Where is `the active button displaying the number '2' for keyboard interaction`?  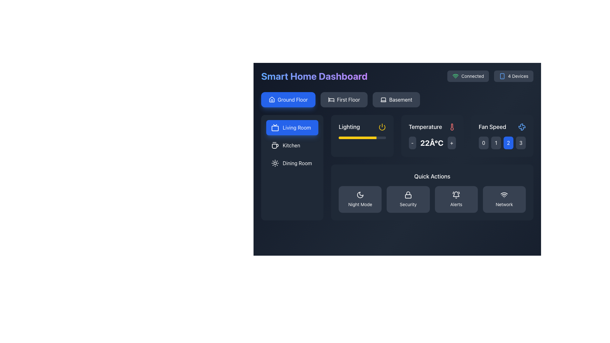
the active button displaying the number '2' for keyboard interaction is located at coordinates (508, 143).